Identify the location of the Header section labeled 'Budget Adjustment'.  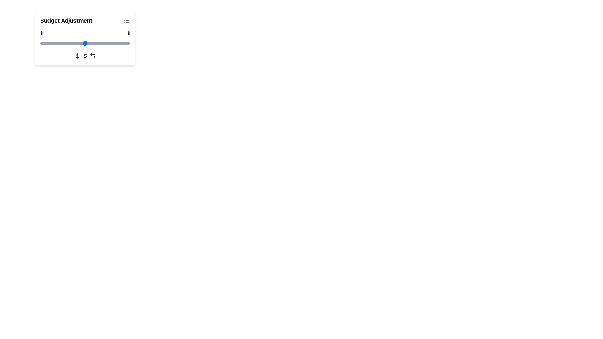
(84, 20).